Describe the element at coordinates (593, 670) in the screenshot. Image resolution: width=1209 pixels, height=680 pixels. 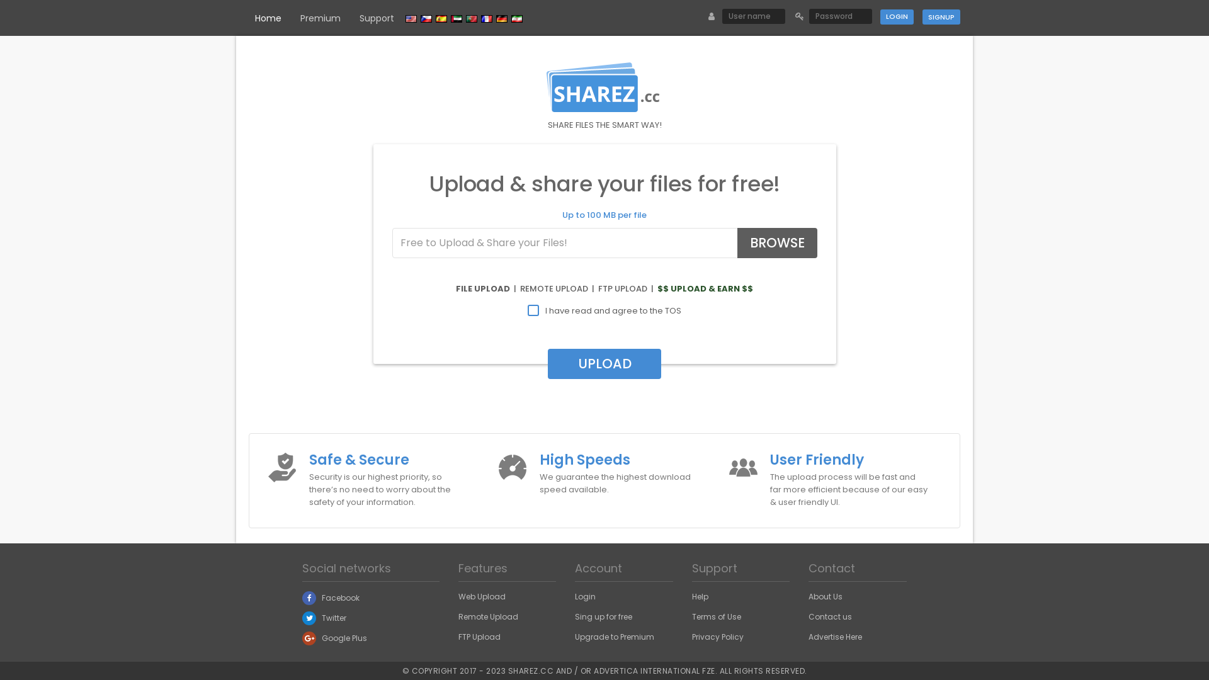
I see `'ADVERTICA INTERNATIONAL FZE.'` at that location.